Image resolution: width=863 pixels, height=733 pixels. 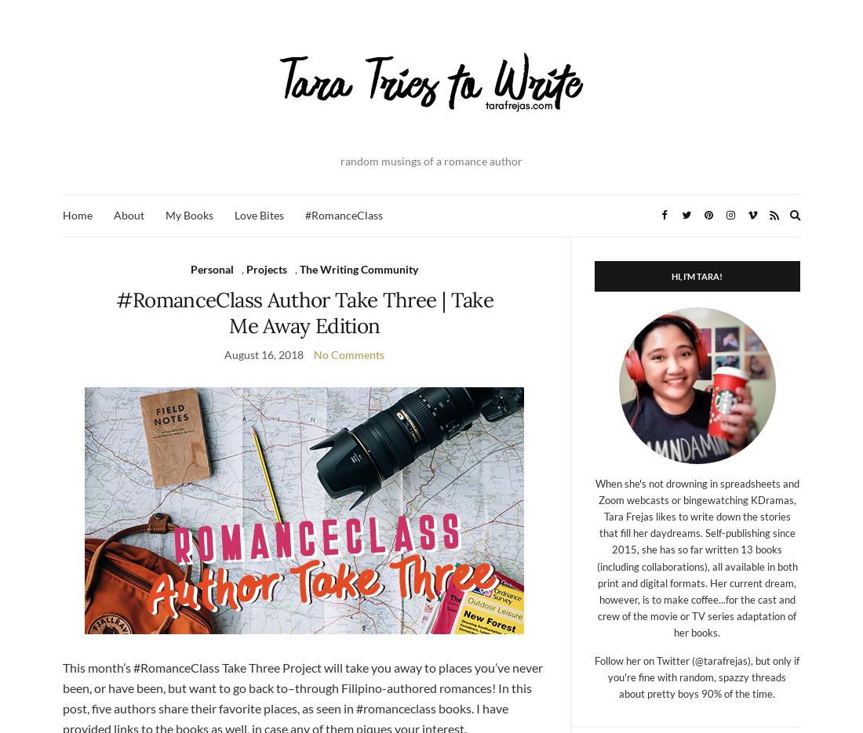 I want to click on 'No Comments', so click(x=348, y=353).